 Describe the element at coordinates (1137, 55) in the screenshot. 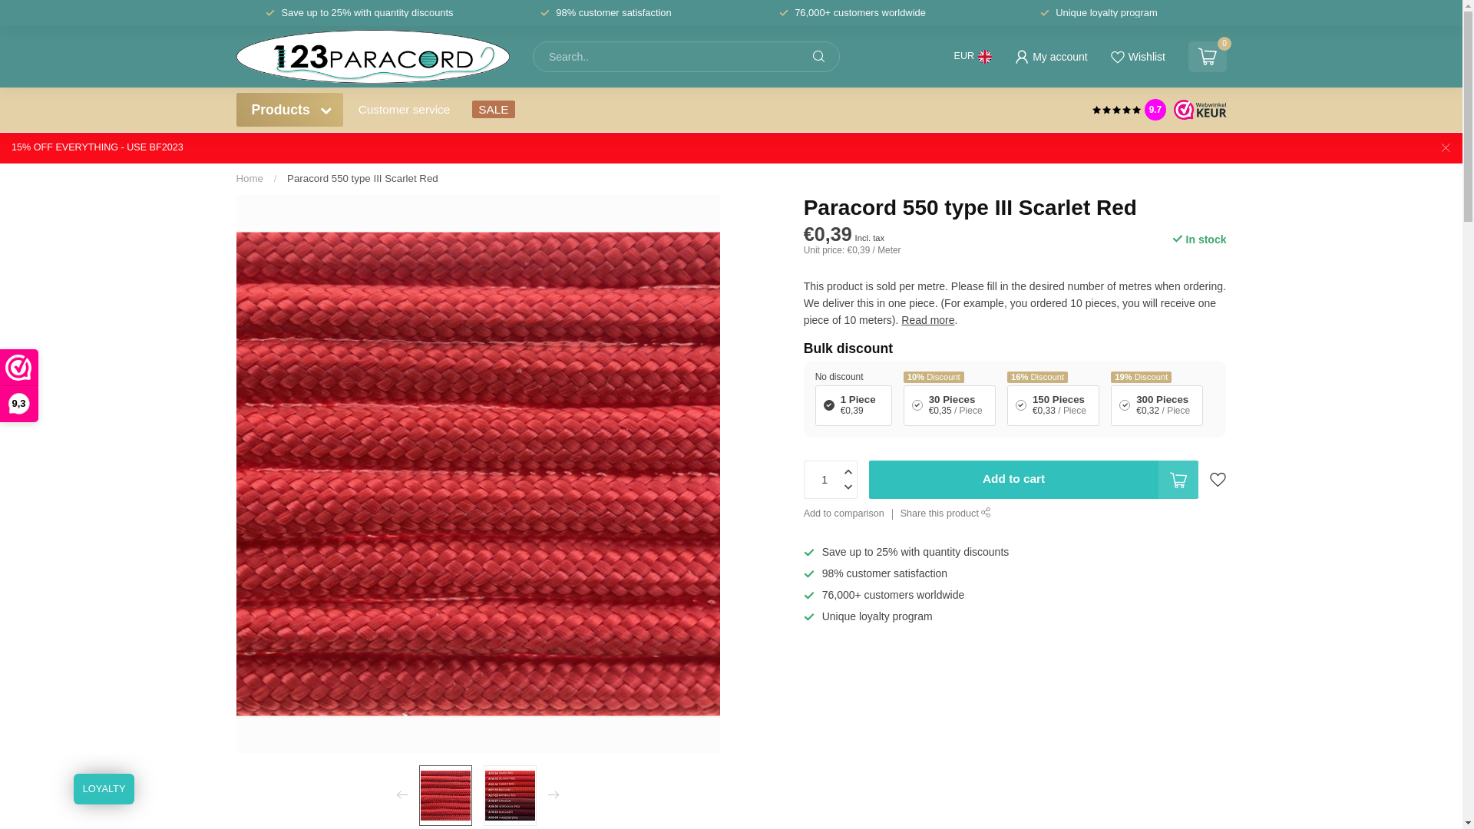

I see `'Wishlist'` at that location.